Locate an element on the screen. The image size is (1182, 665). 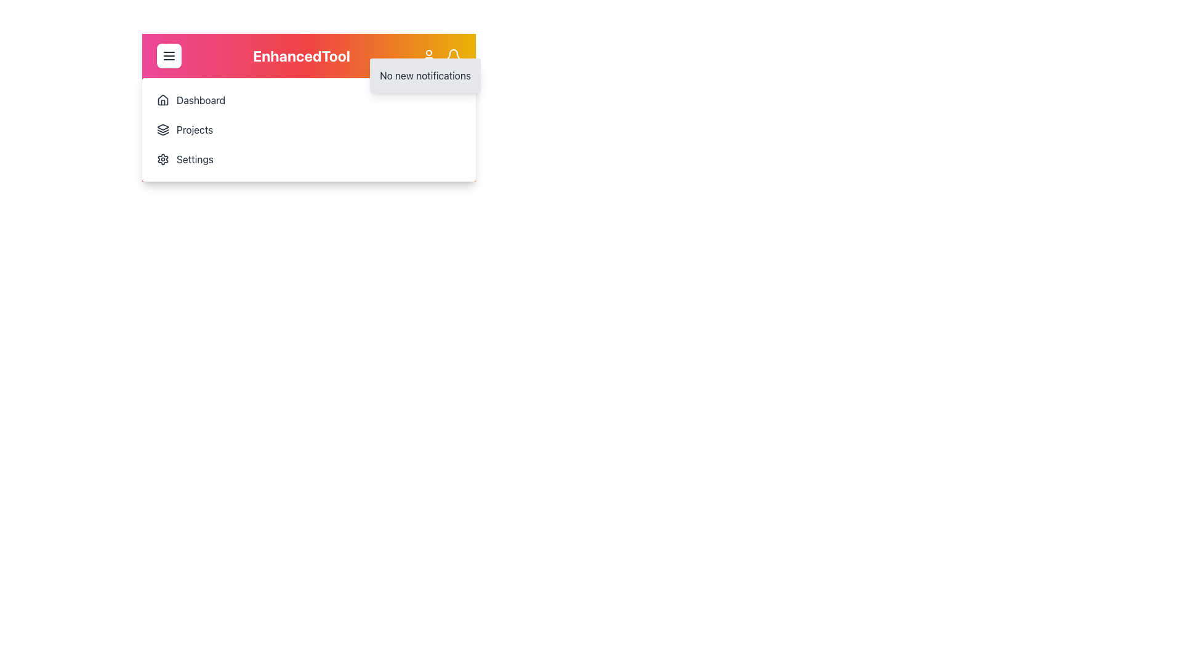
the house-shaped icon located beside the 'Dashboard' text is located at coordinates (162, 99).